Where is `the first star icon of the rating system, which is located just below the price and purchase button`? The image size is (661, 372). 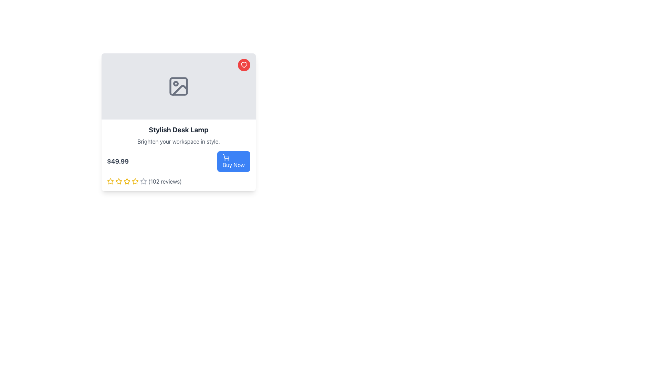
the first star icon of the rating system, which is located just below the price and purchase button is located at coordinates (111, 181).